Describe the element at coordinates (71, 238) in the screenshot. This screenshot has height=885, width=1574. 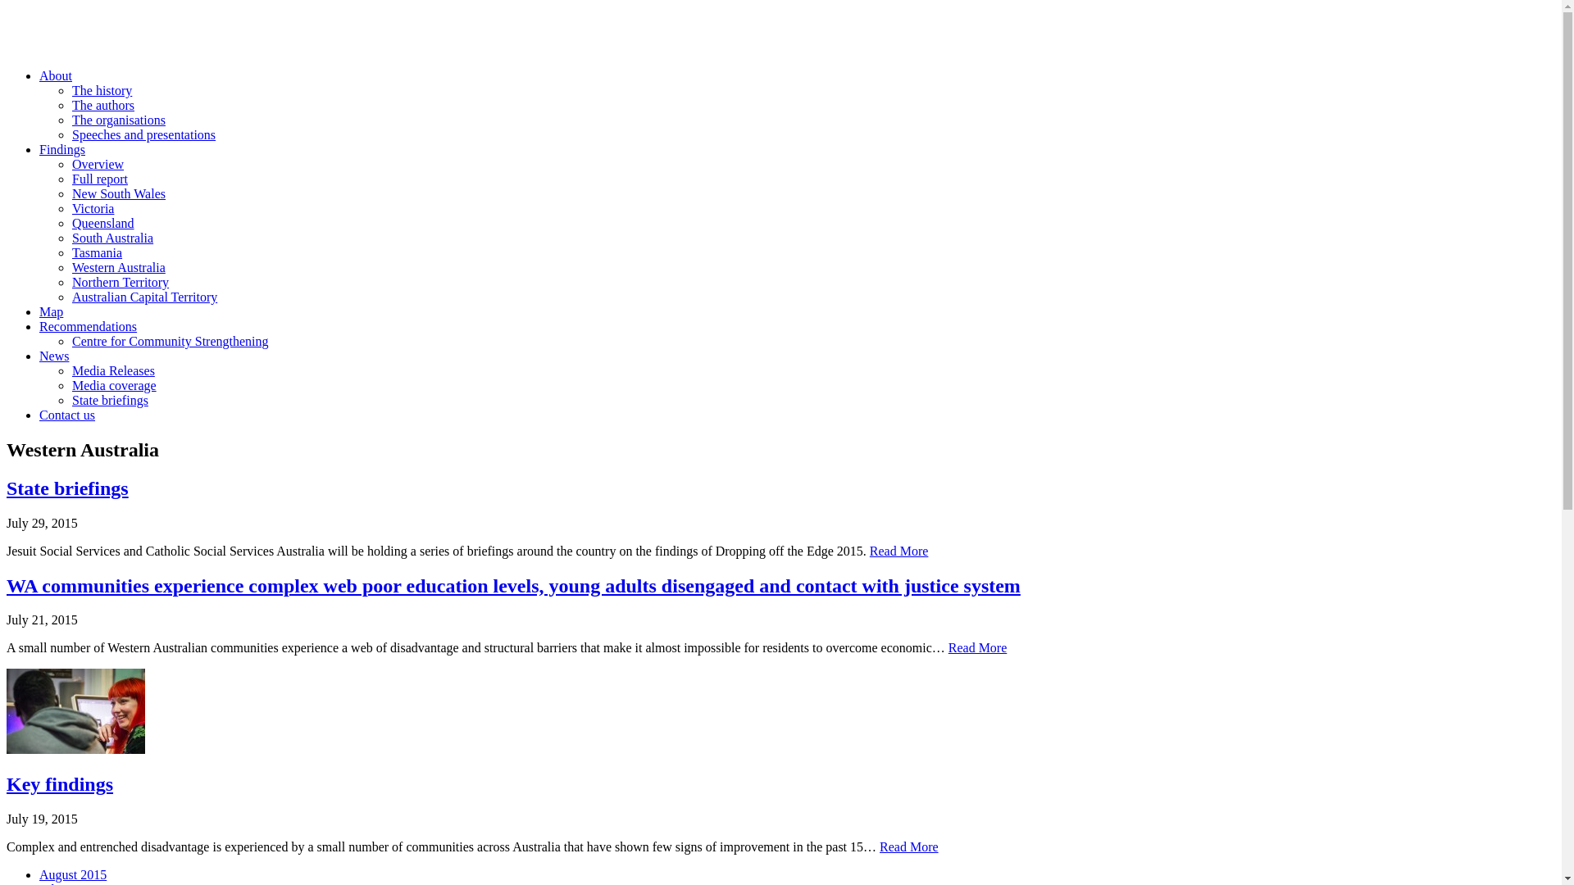
I see `'South Australia'` at that location.